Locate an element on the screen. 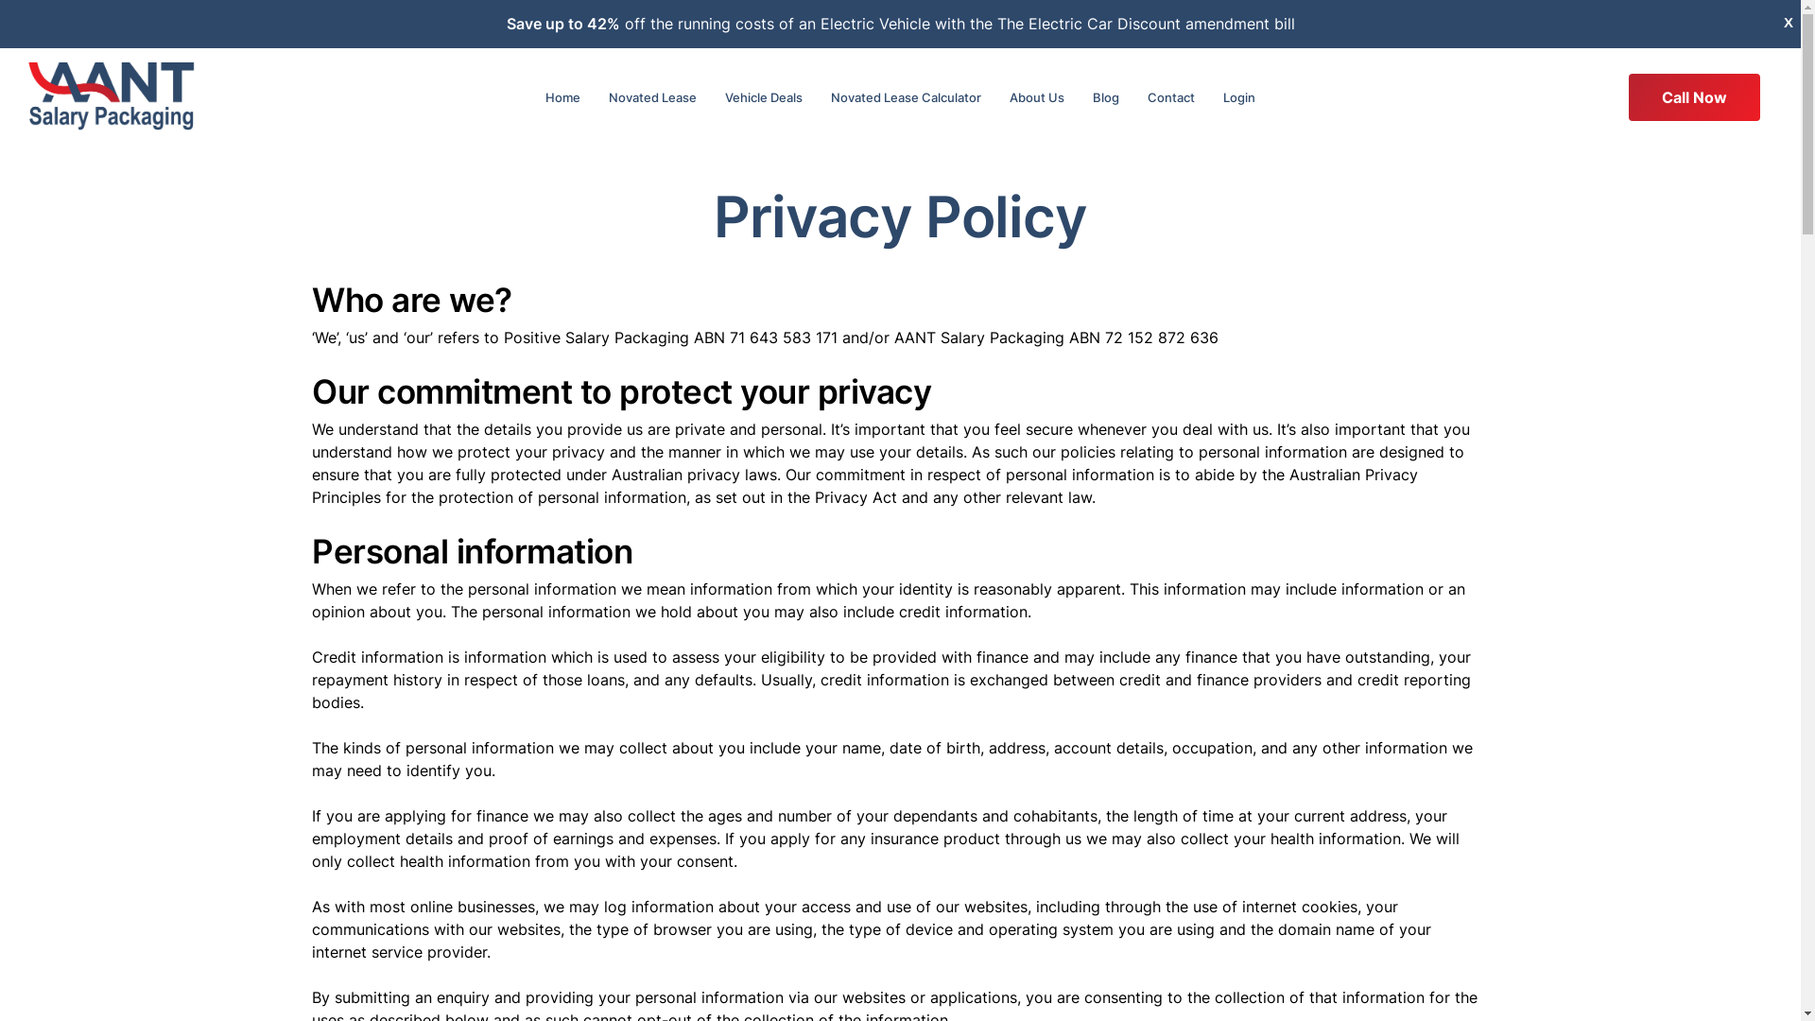 The width and height of the screenshot is (1815, 1021). 'Contact' is located at coordinates (1169, 97).